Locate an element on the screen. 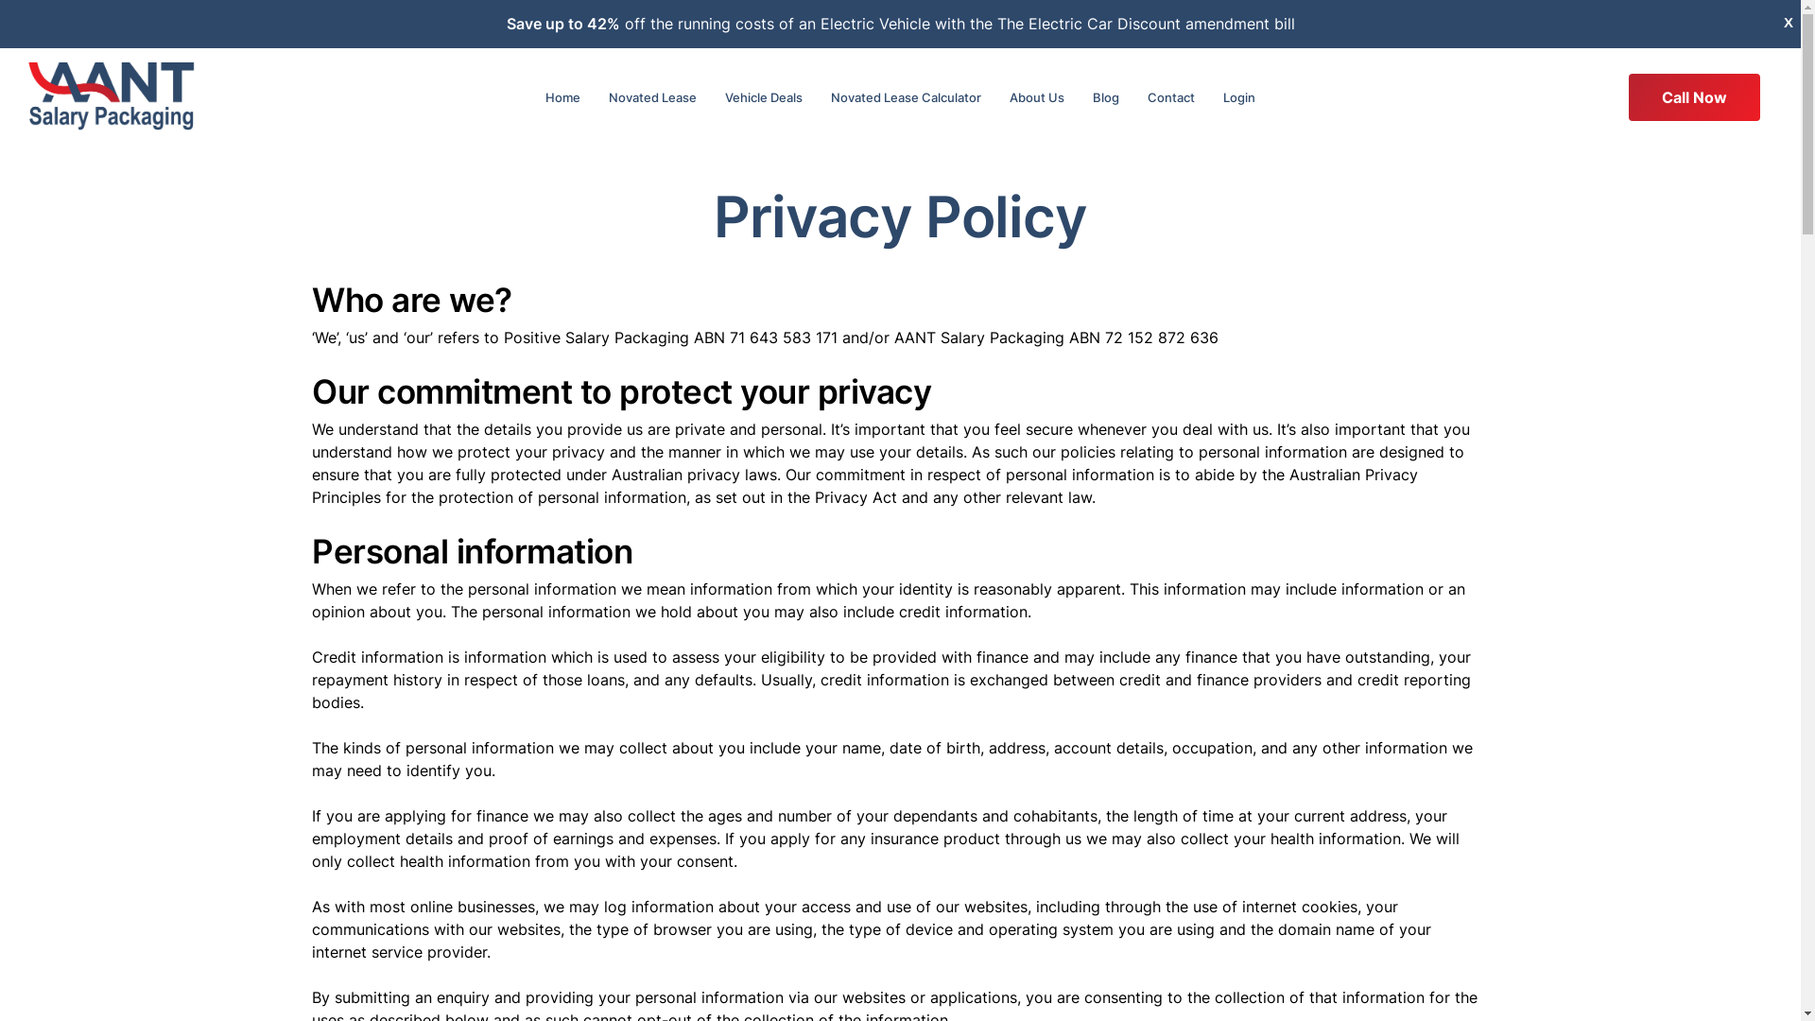 The width and height of the screenshot is (1815, 1021). 'Contact' is located at coordinates (1169, 97).